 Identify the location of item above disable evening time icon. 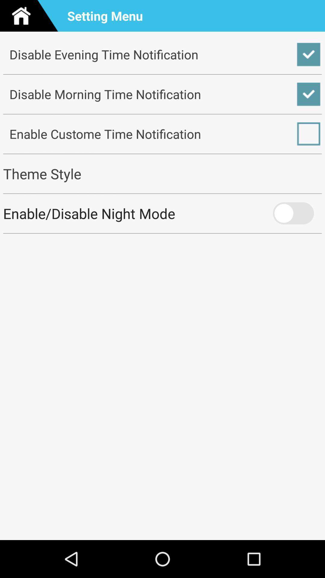
(31, 16).